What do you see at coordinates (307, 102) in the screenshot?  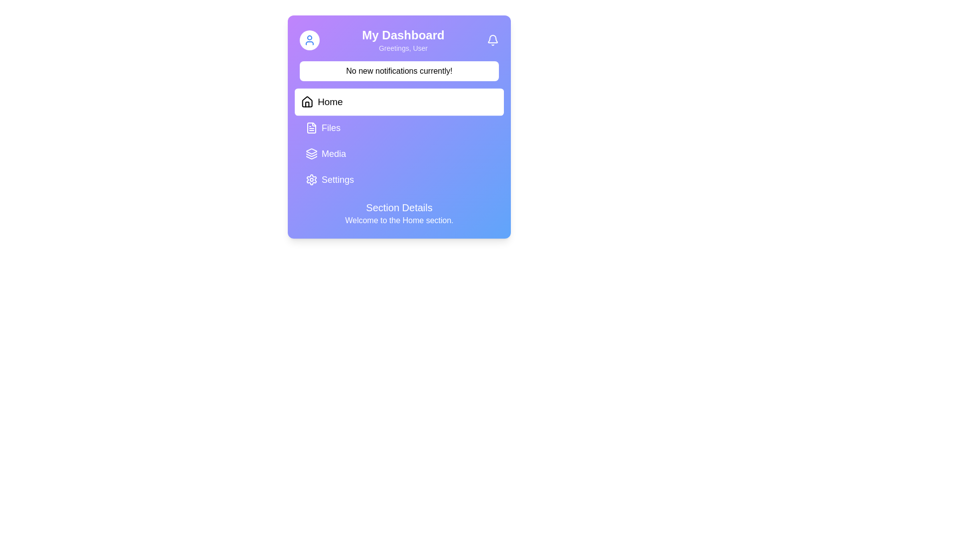 I see `the decorative 'Home' menu icon represented by an SVG vector graphic, located to the left of the 'Home' text in the vertical menu at the top of the card-like interface` at bounding box center [307, 102].